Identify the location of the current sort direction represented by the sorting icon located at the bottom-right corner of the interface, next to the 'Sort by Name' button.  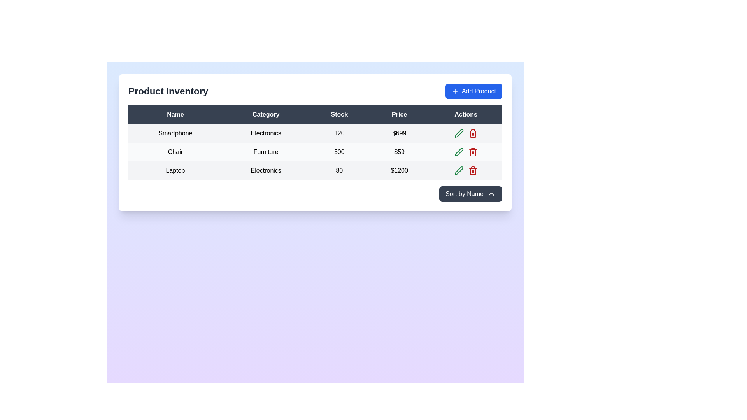
(491, 193).